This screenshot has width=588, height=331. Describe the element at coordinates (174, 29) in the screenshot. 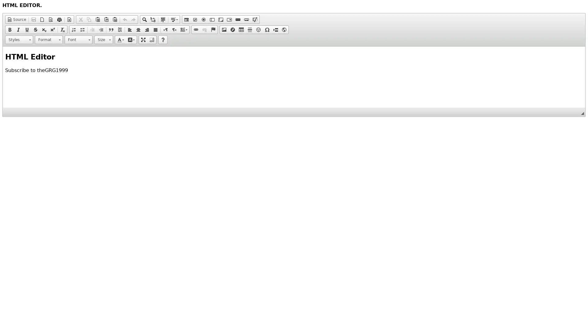

I see `Text direction from right to left` at that location.